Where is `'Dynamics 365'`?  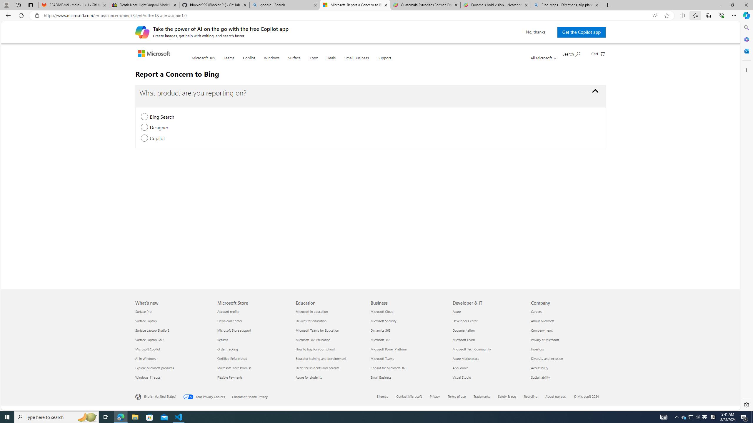
'Dynamics 365' is located at coordinates (408, 330).